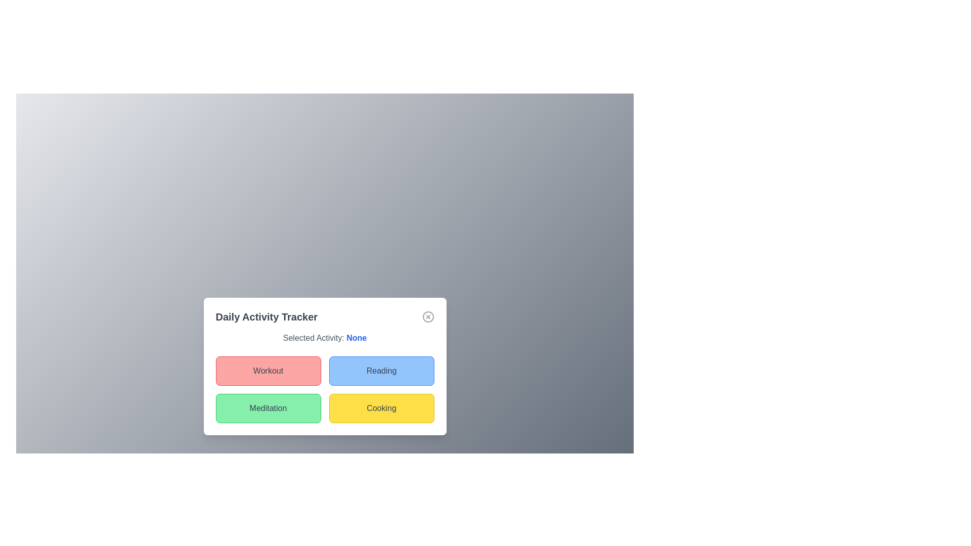  I want to click on the Meditation button to observe its visual effect, so click(268, 407).